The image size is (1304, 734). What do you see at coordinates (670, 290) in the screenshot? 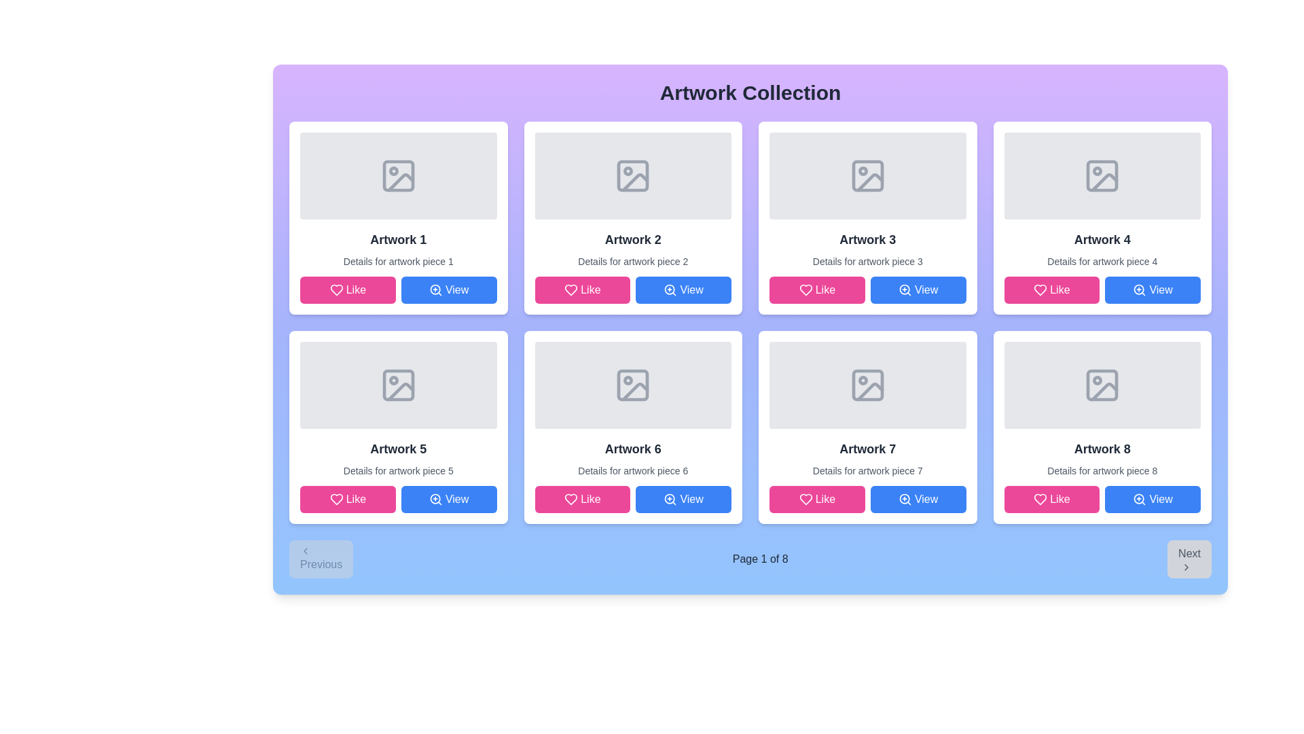
I see `the magnifying glass icon with a '+' symbol inside its circular lens, which is located within the 'View' button of the second artwork card in the Artwork Collection grid` at bounding box center [670, 290].